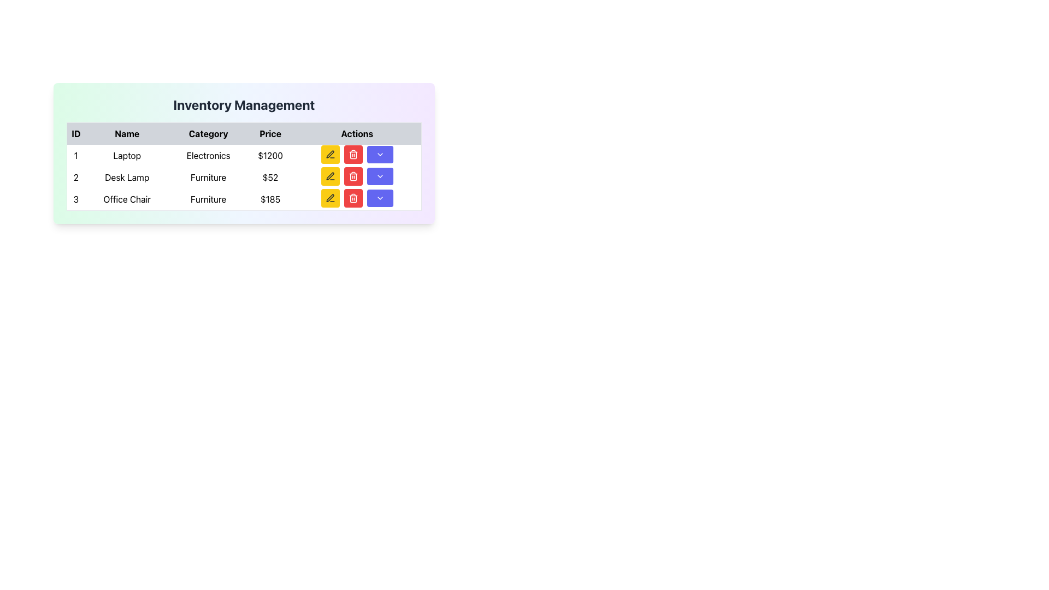  What do you see at coordinates (329, 176) in the screenshot?
I see `the pen icon for editing functionality` at bounding box center [329, 176].